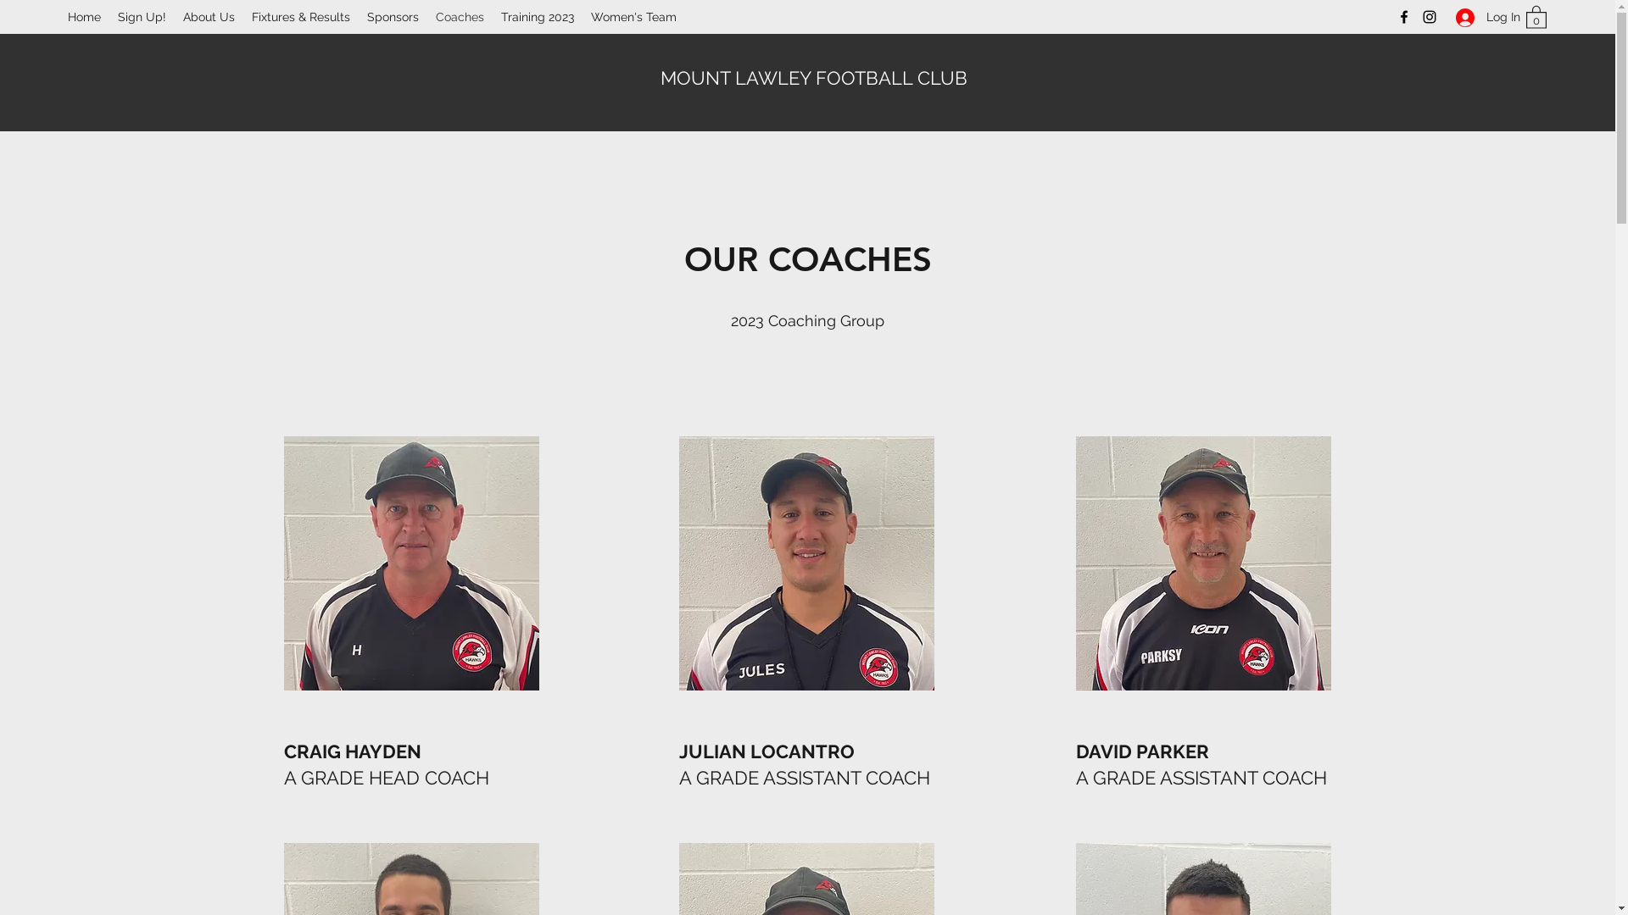  Describe the element at coordinates (1536, 16) in the screenshot. I see `'0'` at that location.